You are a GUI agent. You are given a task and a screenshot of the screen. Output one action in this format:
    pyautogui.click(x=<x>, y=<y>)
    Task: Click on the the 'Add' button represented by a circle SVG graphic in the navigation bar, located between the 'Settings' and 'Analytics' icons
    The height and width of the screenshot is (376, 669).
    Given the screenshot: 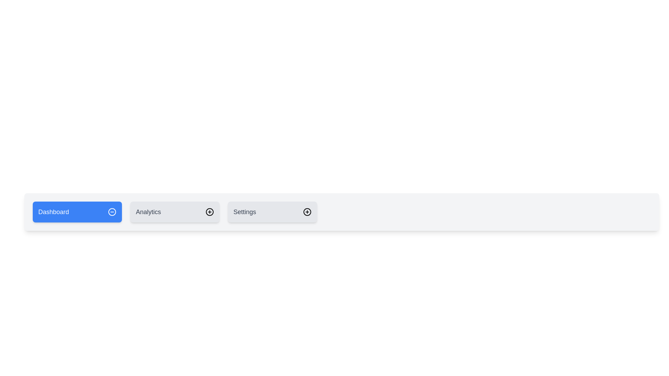 What is the action you would take?
    pyautogui.click(x=209, y=212)
    